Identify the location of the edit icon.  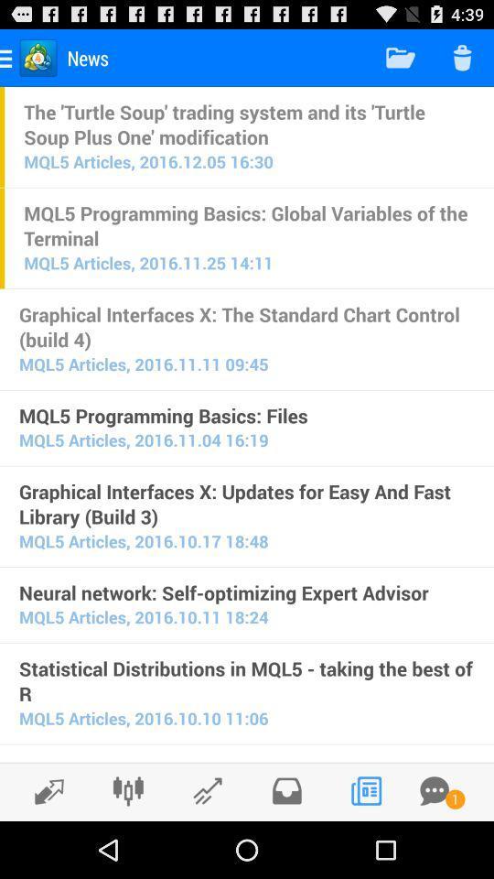
(207, 846).